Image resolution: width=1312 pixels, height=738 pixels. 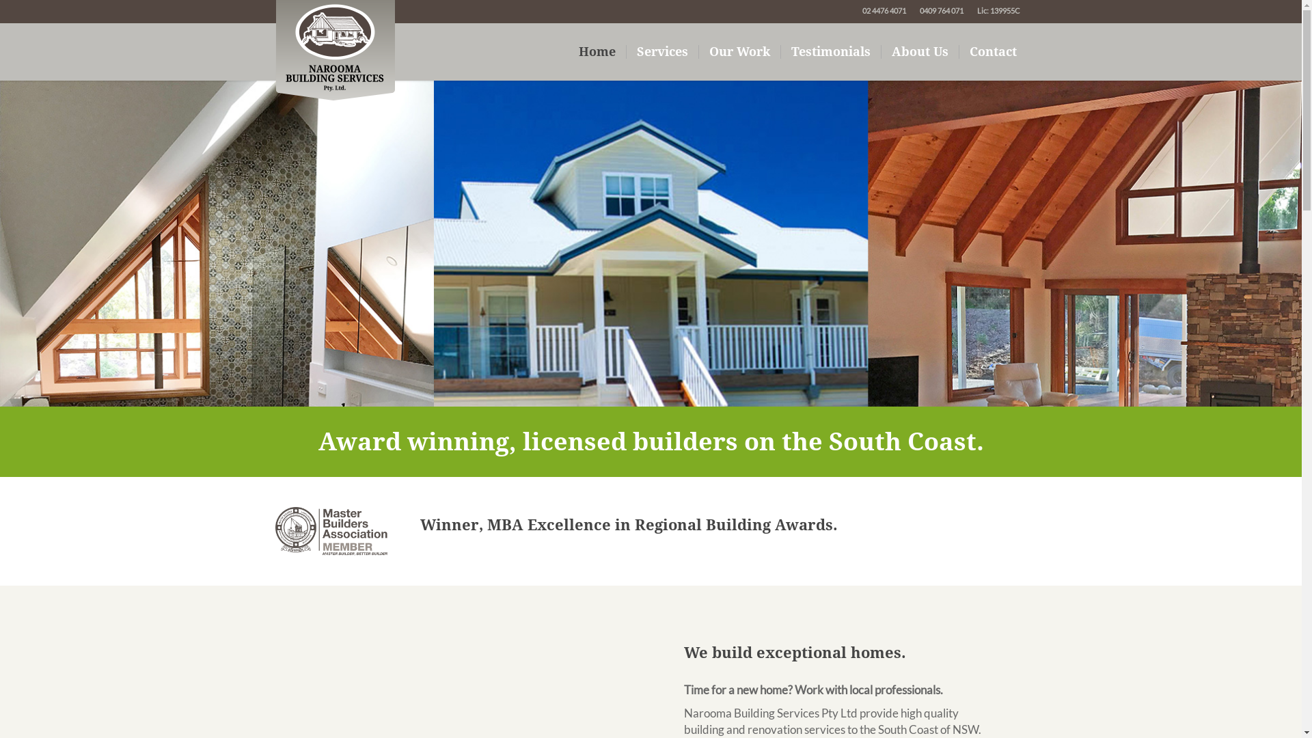 I want to click on 'Lic: 139955C', so click(x=998, y=10).